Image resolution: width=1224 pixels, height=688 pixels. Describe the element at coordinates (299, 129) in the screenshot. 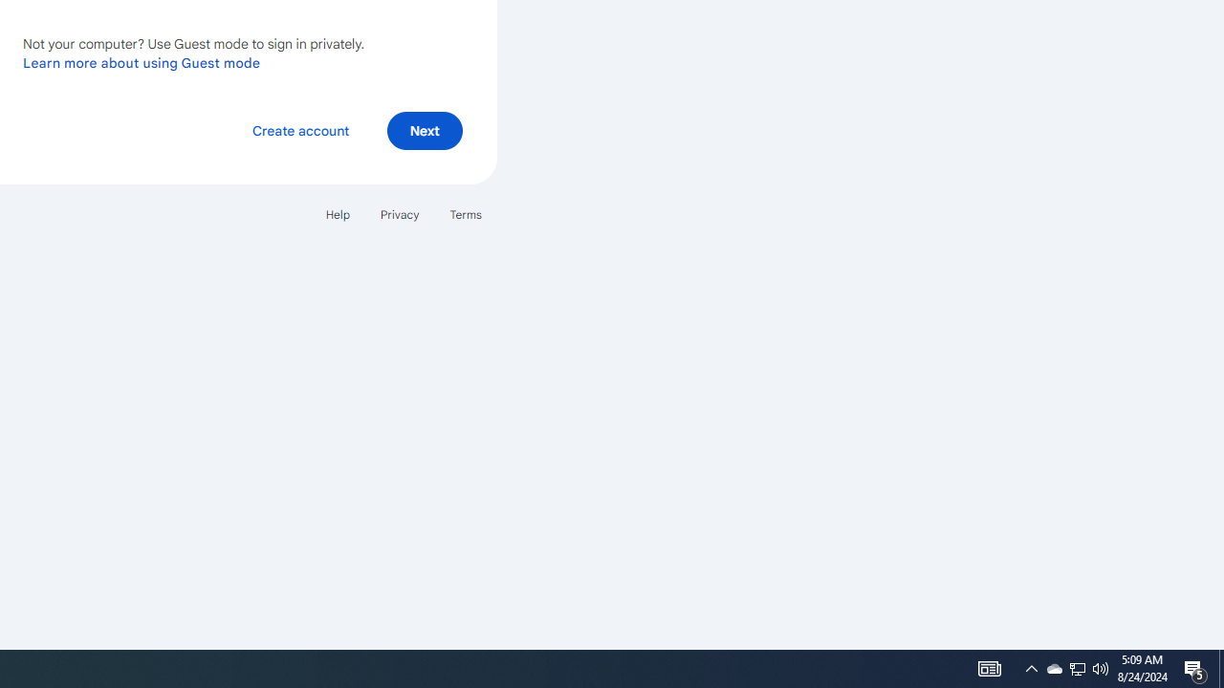

I see `'Create account'` at that location.